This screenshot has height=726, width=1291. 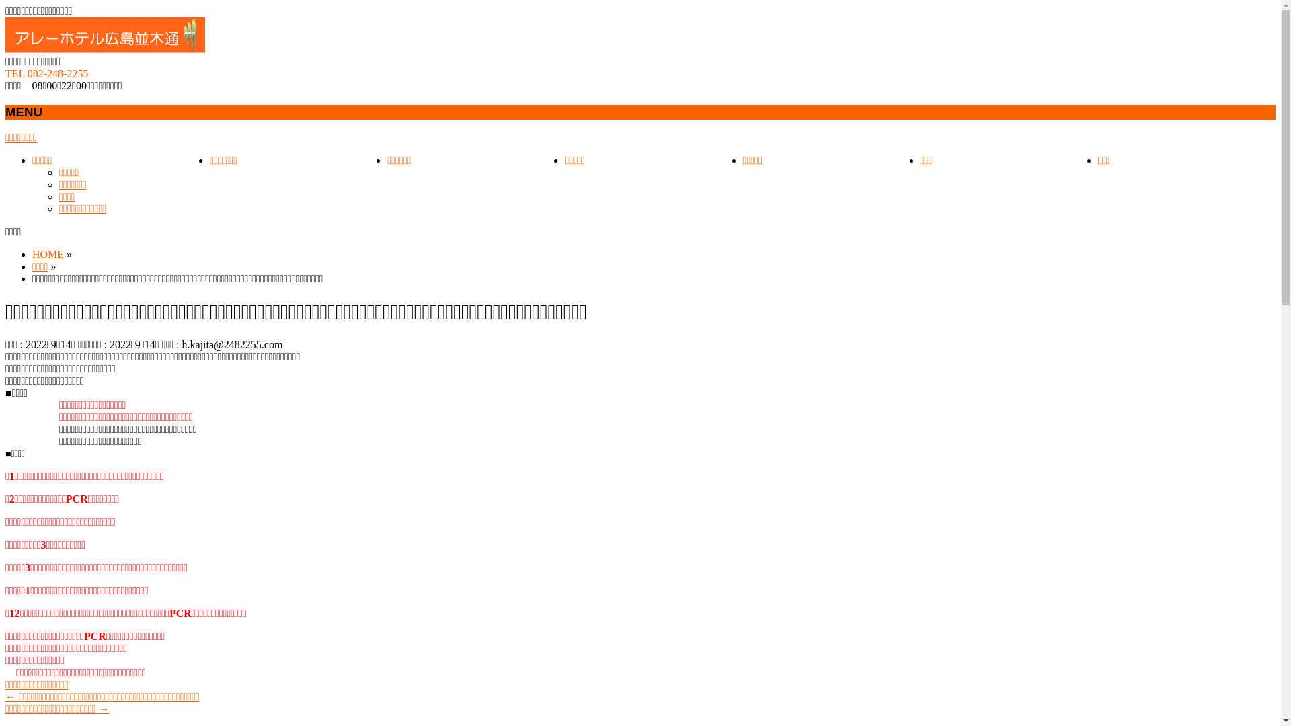 I want to click on 'HOME', so click(x=48, y=254).